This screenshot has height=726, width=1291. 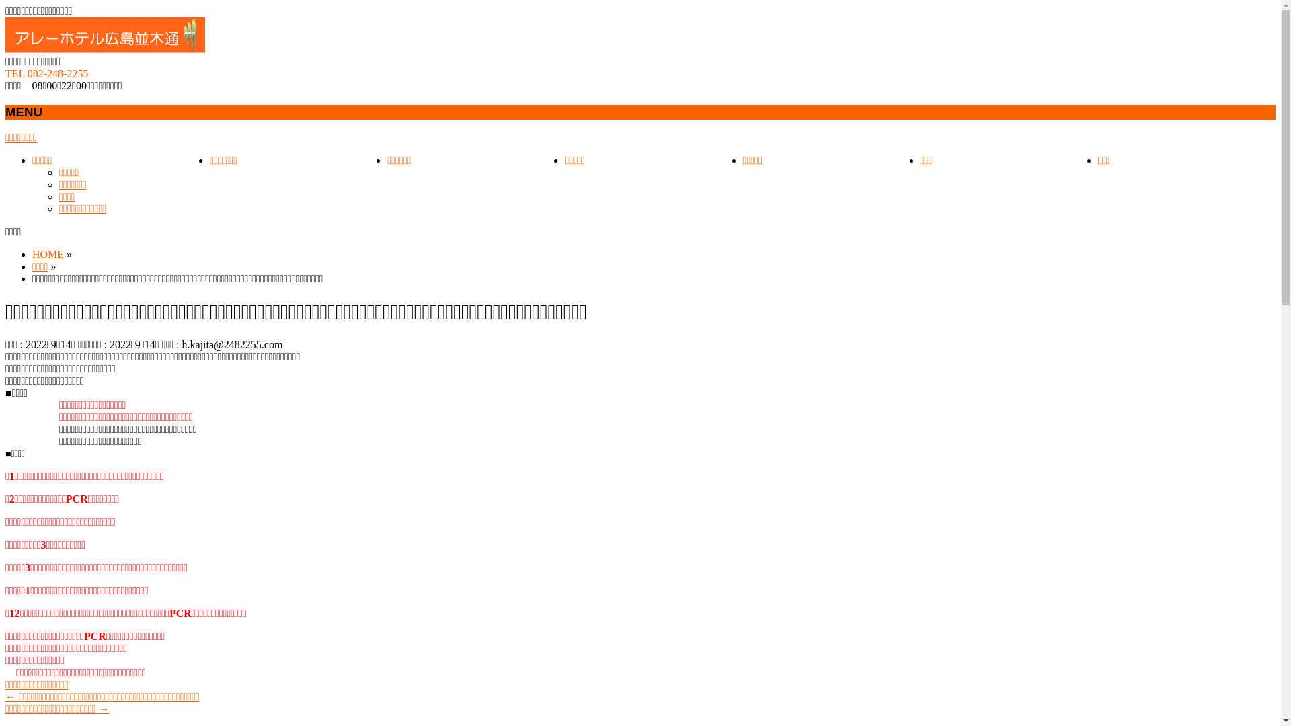 I want to click on 'HOME', so click(x=48, y=254).